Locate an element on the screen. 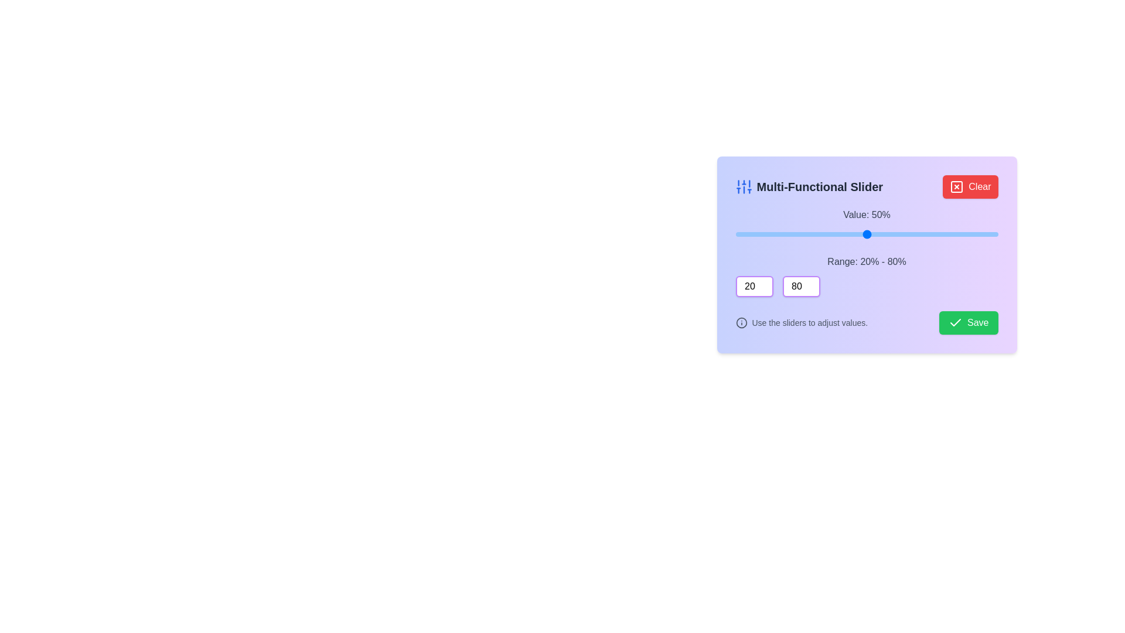  the informational icon located to the left of the text 'Use the sliders to adjust values.' is located at coordinates (741, 323).